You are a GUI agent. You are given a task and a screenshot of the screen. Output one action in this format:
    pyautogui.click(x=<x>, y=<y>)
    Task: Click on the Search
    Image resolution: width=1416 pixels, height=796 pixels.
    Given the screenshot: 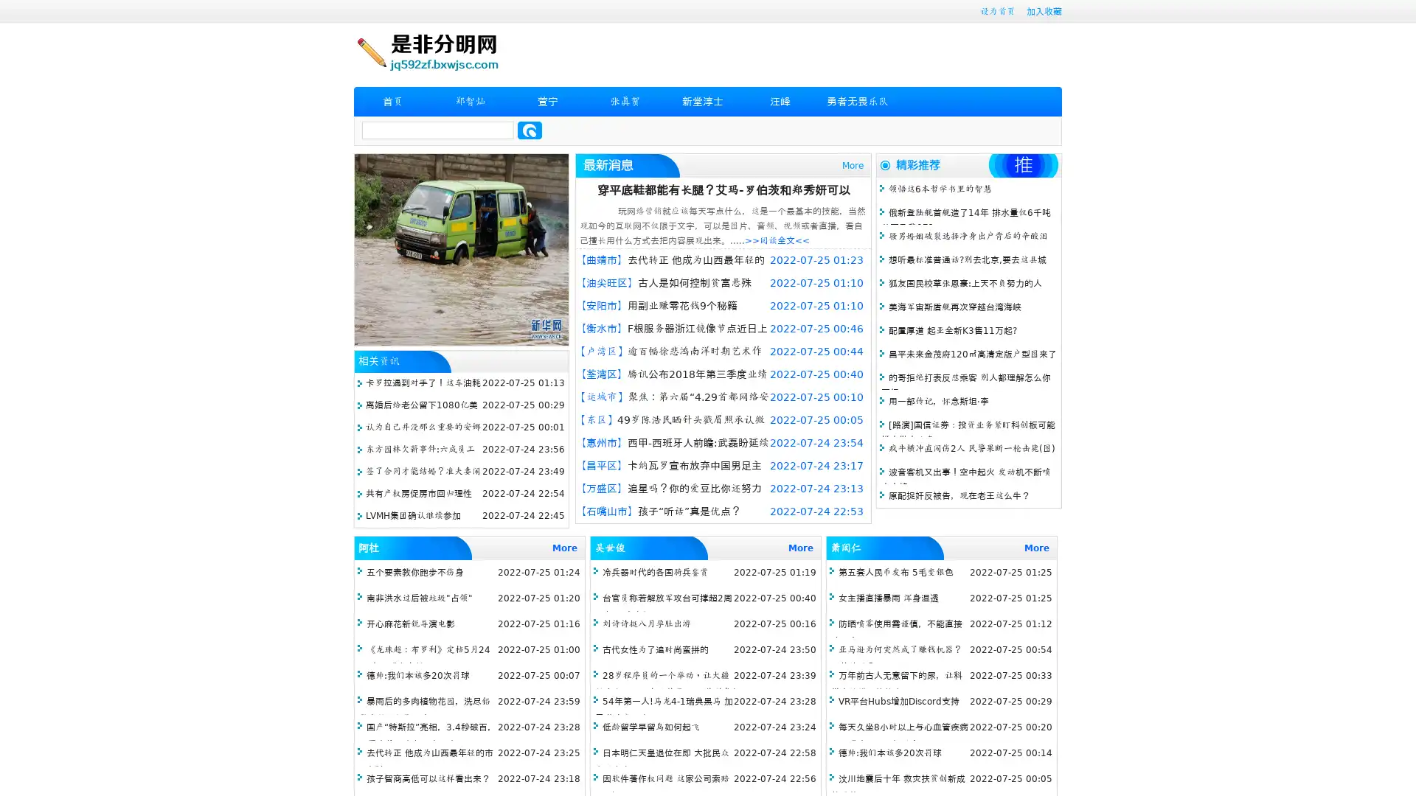 What is the action you would take?
    pyautogui.click(x=530, y=130)
    